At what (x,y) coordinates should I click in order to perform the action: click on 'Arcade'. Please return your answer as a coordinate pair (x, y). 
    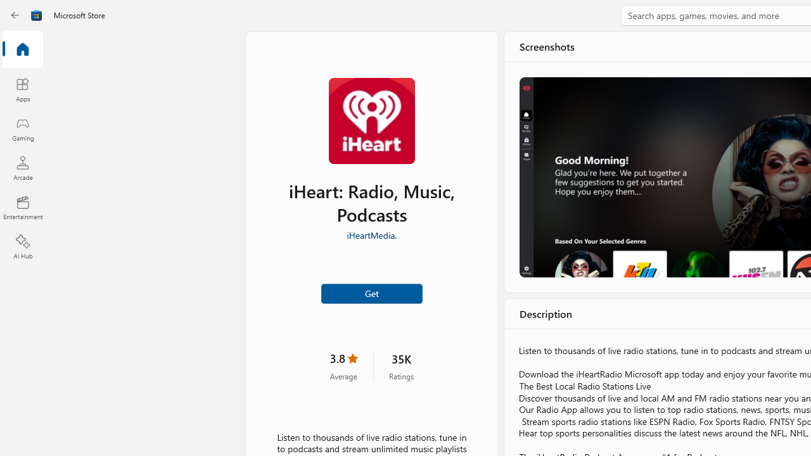
    Looking at the image, I should click on (22, 167).